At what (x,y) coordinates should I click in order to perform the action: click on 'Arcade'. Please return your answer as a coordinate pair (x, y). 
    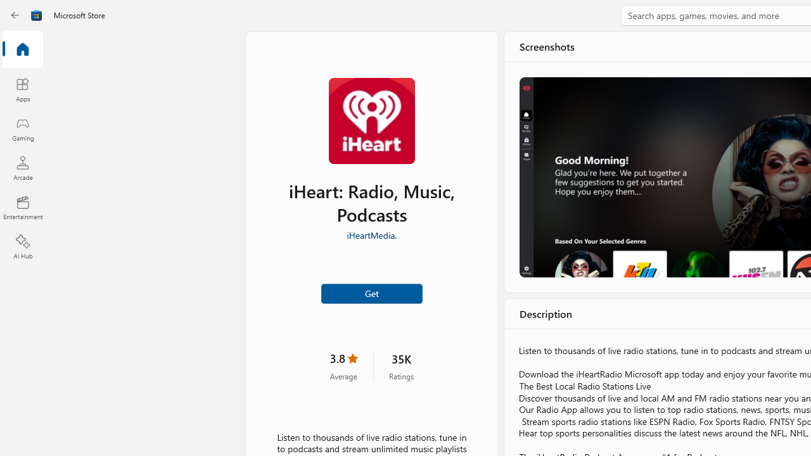
    Looking at the image, I should click on (22, 167).